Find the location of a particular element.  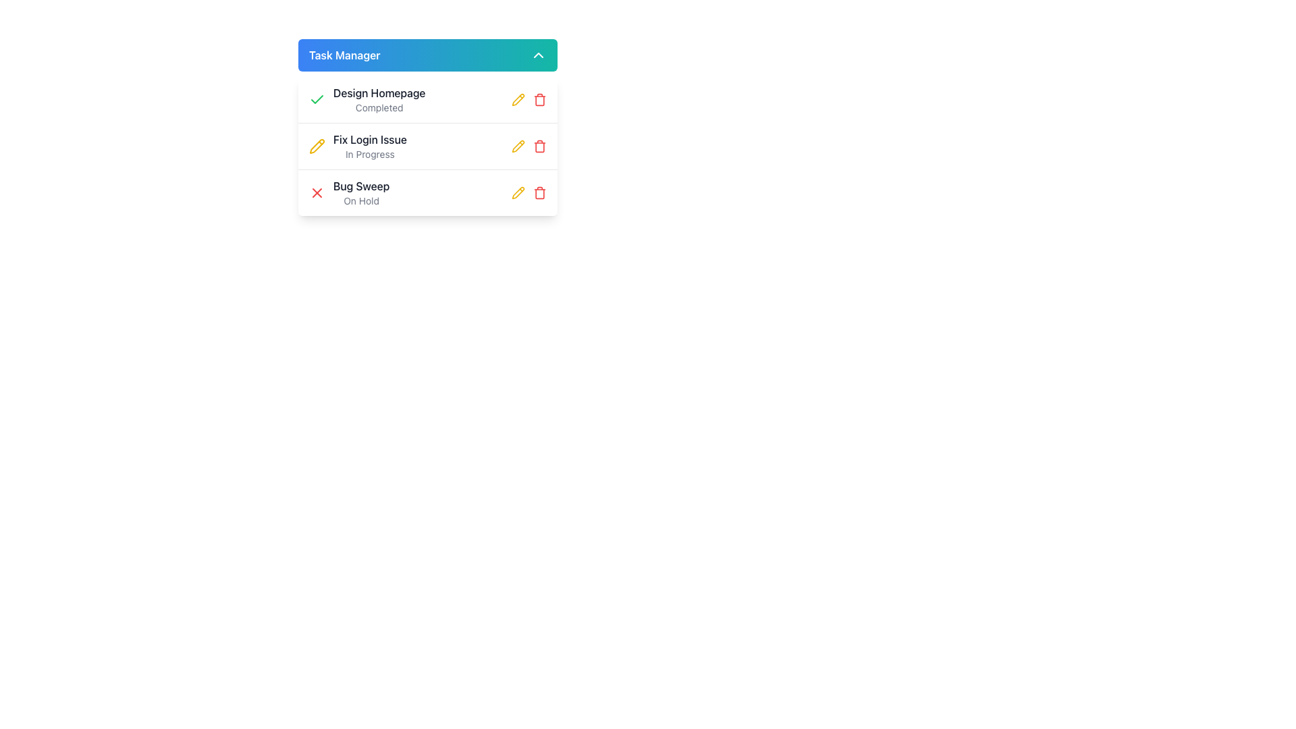

to select the first task item in the task manager interface, which displays the name 'Design Homepage' and its status 'Completed', positioned to the right of a green checkmark icon is located at coordinates (379, 99).